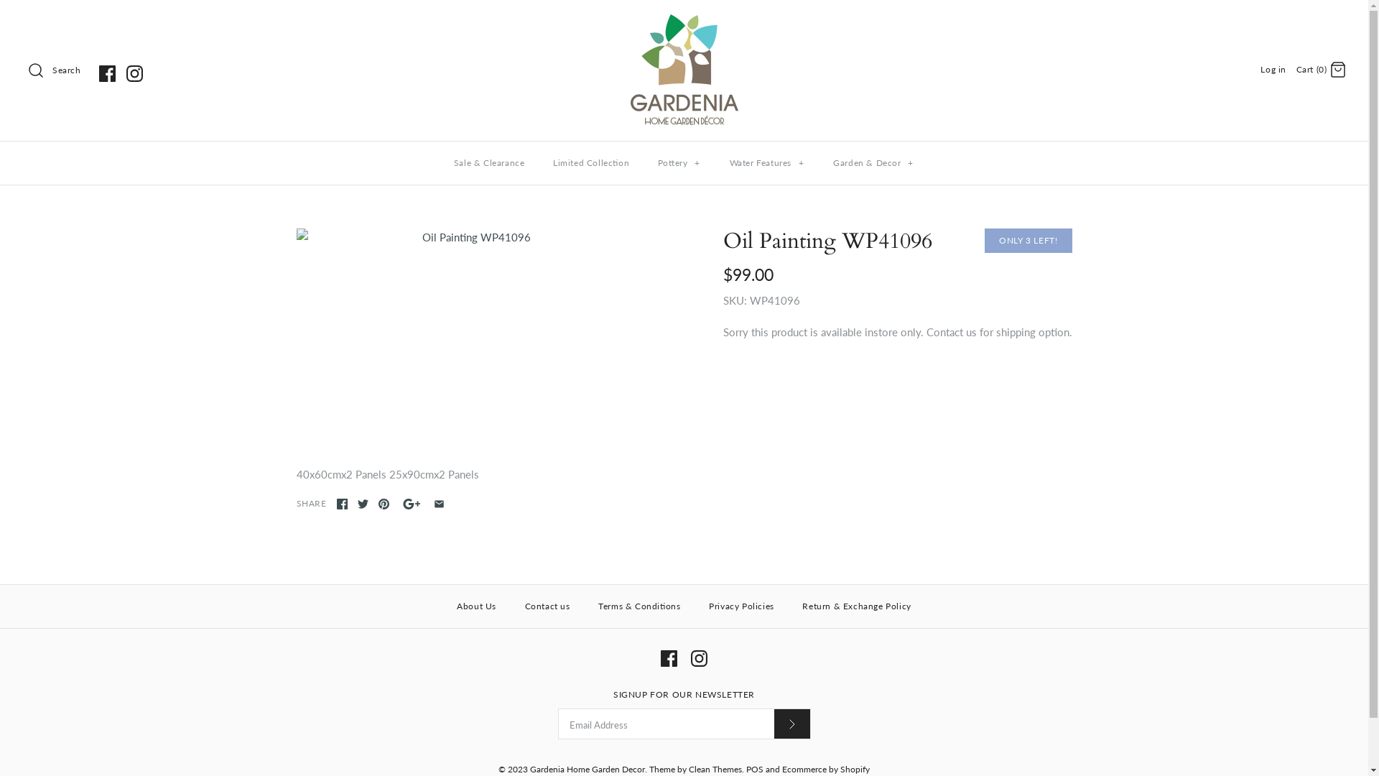 Image resolution: width=1379 pixels, height=776 pixels. I want to click on 'Ecommerce by Shopify', so click(781, 768).